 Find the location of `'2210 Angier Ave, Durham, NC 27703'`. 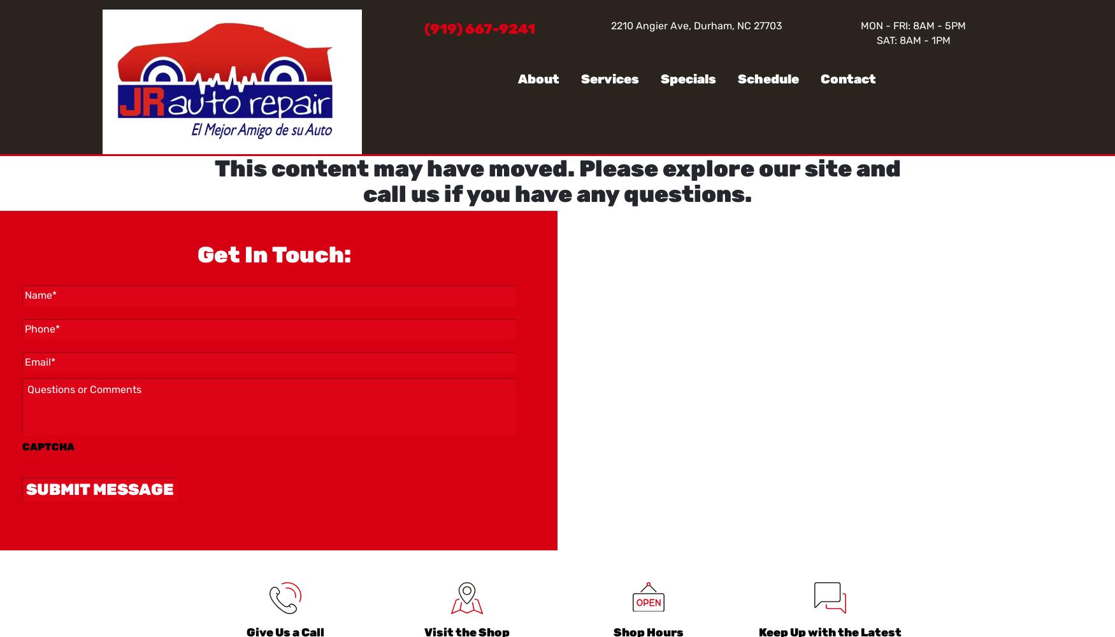

'2210 Angier Ave, Durham, NC 27703' is located at coordinates (696, 25).